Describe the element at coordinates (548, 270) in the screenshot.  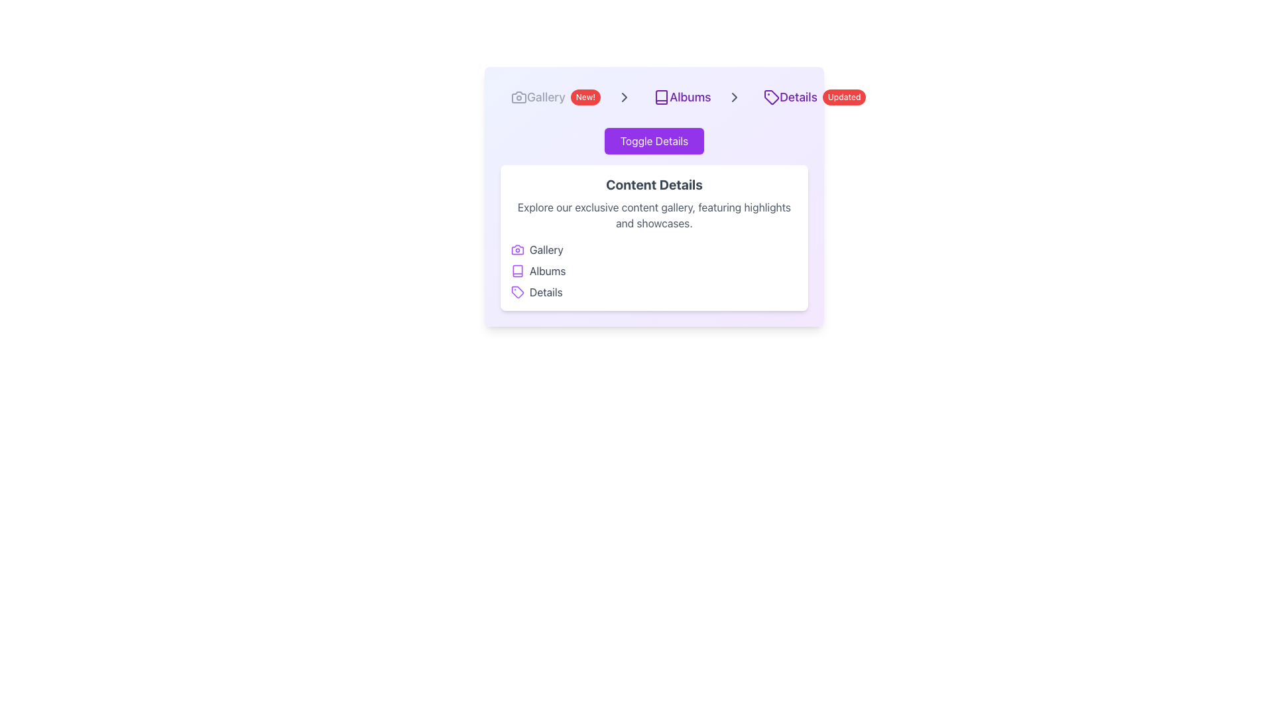
I see `the 'Albums' text label, which serves as a category indicator in the application, located in the middle of the layout, below the breadcrumb navigation and above the content description` at that location.